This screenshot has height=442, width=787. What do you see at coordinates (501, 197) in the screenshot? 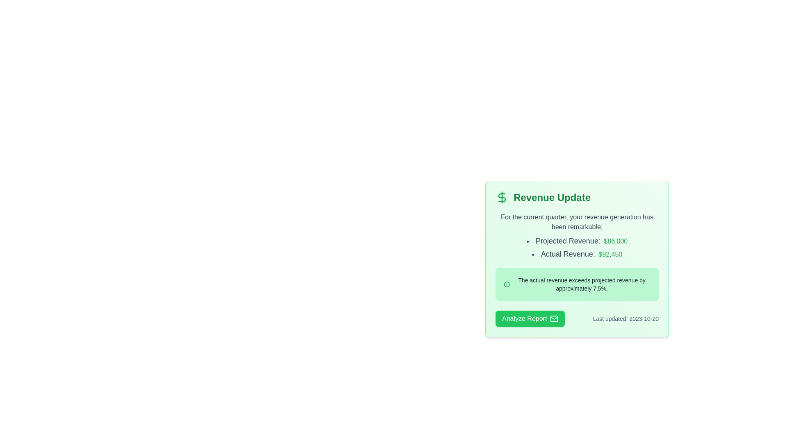
I see `the green dollar sign icon located in the top-left corner of the 'Revenue Update' panel, which has a clean and minimalistic design` at bounding box center [501, 197].